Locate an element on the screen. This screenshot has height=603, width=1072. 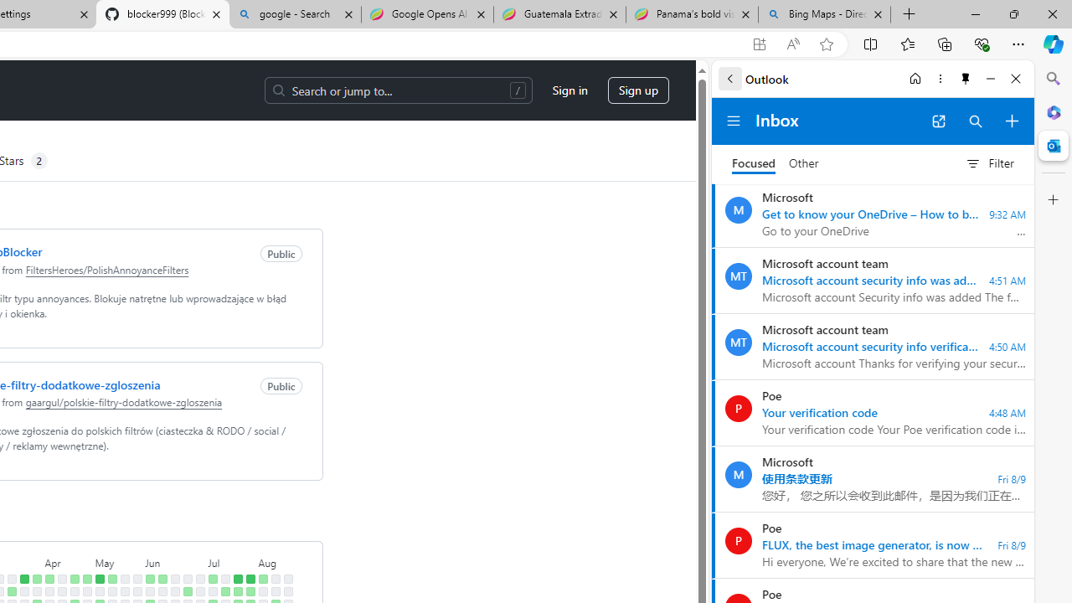
'Close' is located at coordinates (1015, 78).